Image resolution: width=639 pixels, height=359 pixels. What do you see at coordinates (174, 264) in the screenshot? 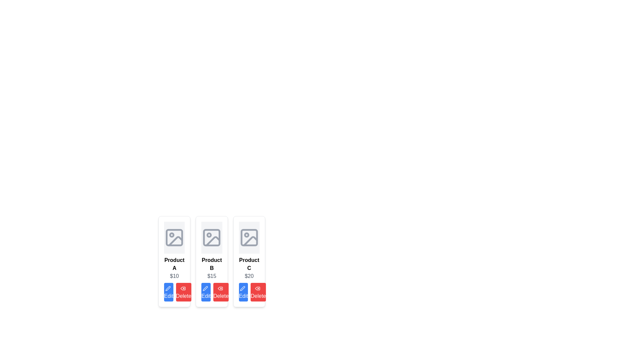
I see `the text label displaying 'Product A', which is bold and positioned above the '$10' price text and below a placeholder image icon` at bounding box center [174, 264].